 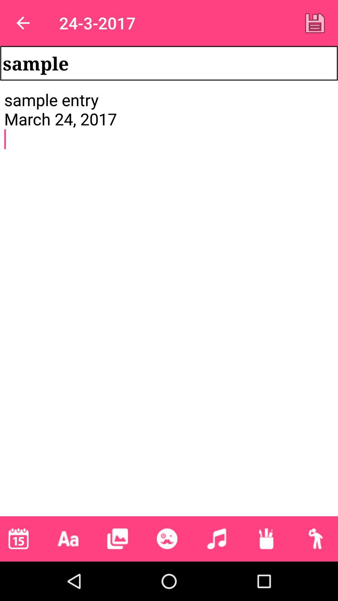 I want to click on the font icon, so click(x=68, y=538).